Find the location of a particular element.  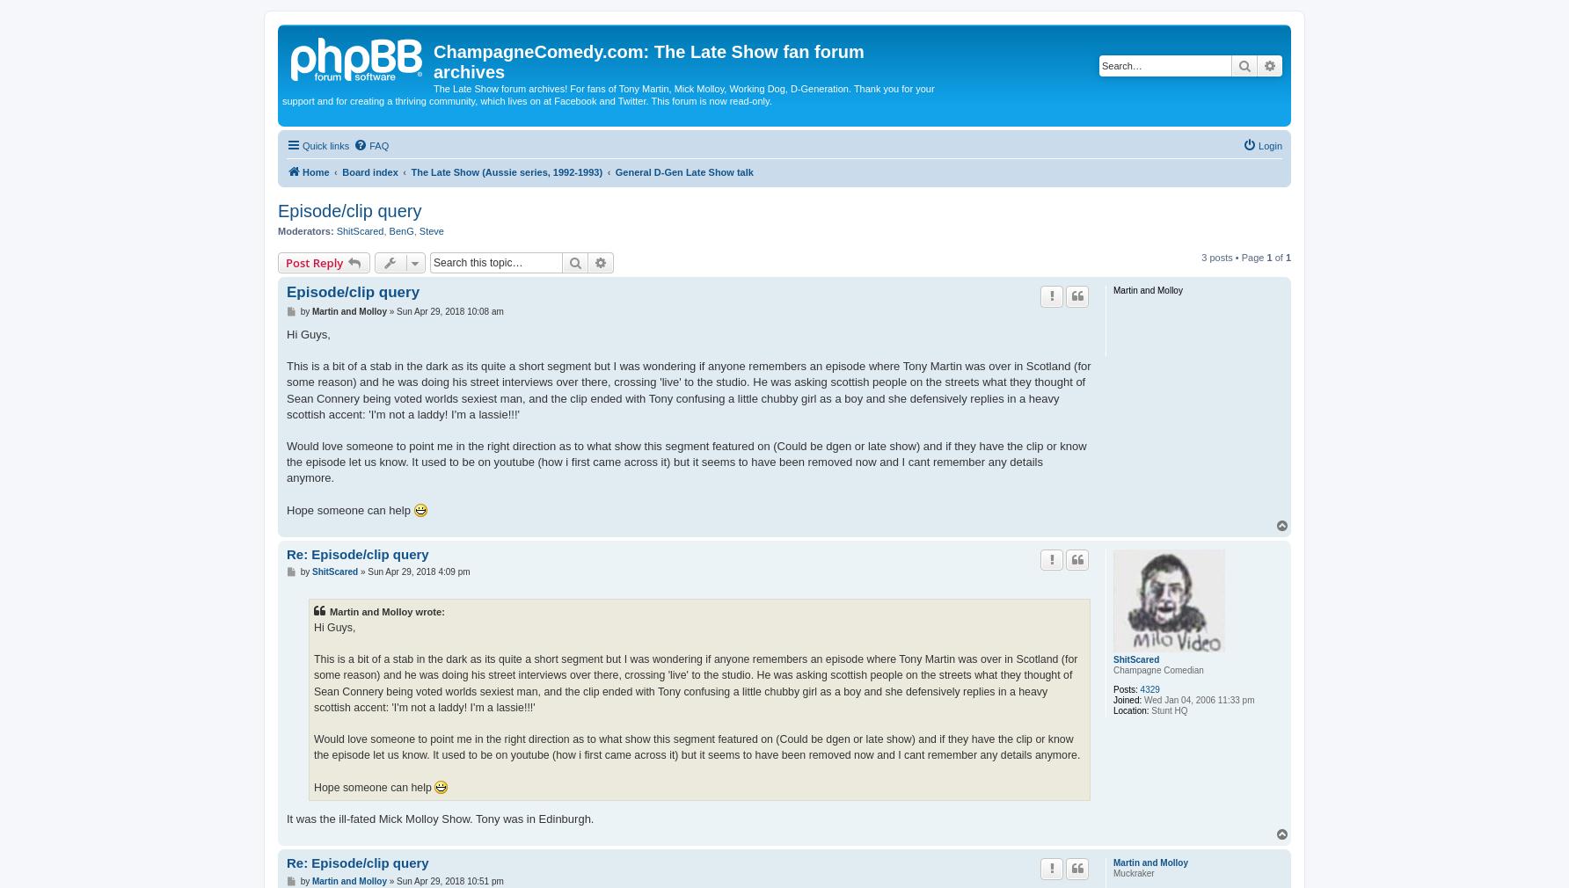

'4329' is located at coordinates (1148, 689).